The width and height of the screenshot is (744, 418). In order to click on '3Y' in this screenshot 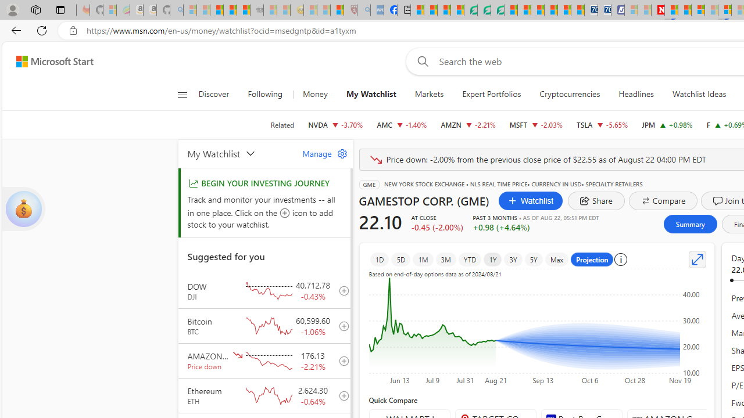, I will do `click(512, 259)`.